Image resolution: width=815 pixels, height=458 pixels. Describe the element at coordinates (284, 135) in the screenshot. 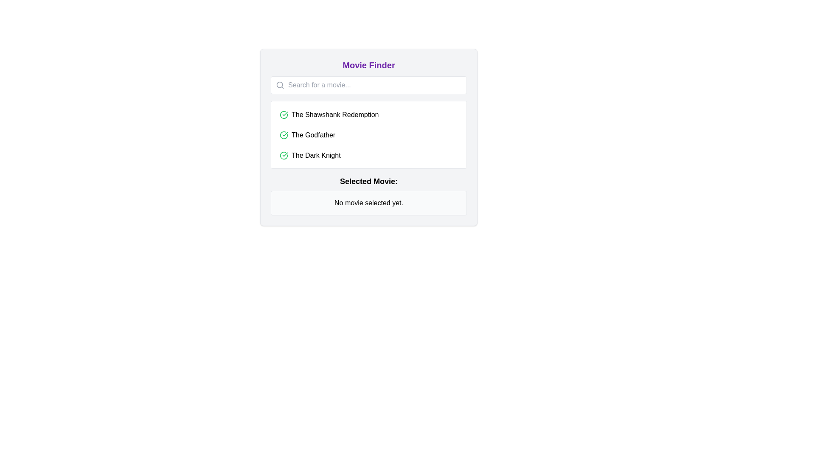

I see `the status of the green circular icon with a checkmark, indicating a selected or confirmed state, located to the left of 'The Godfather' in the 'Movie Finder' interface` at that location.